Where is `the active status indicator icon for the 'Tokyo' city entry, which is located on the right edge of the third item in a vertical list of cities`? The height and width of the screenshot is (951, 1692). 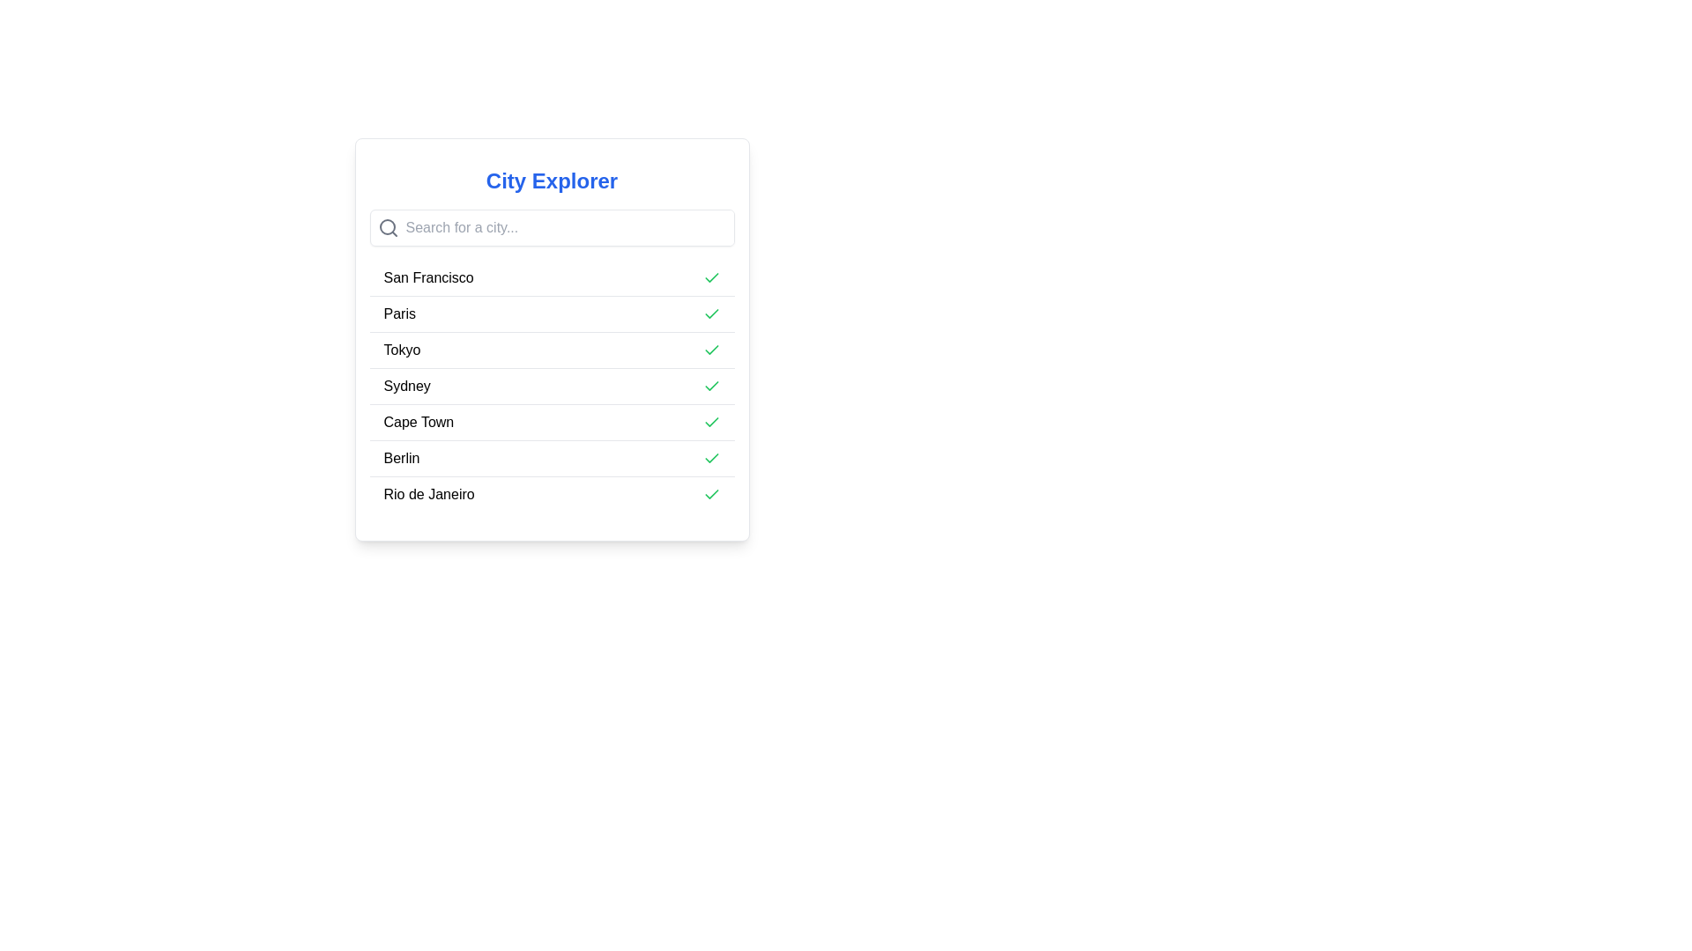 the active status indicator icon for the 'Tokyo' city entry, which is located on the right edge of the third item in a vertical list of cities is located at coordinates (711, 350).